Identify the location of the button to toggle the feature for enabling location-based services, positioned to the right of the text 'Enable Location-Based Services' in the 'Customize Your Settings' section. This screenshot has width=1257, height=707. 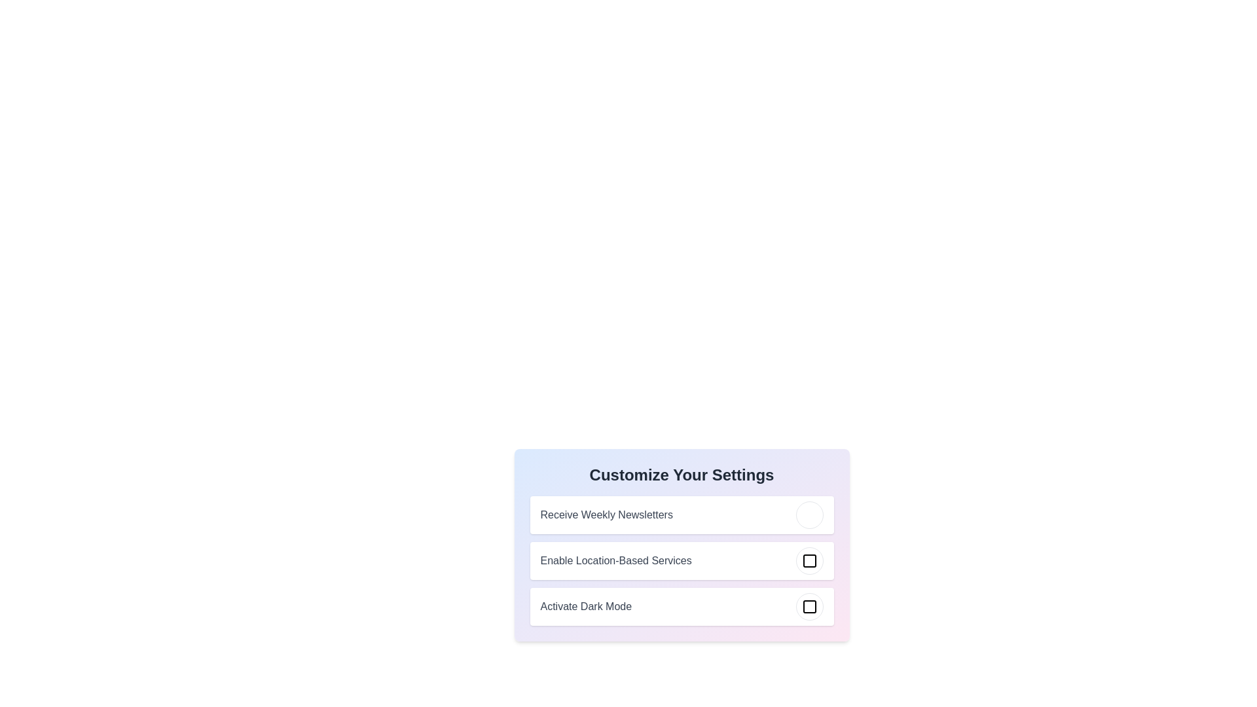
(809, 560).